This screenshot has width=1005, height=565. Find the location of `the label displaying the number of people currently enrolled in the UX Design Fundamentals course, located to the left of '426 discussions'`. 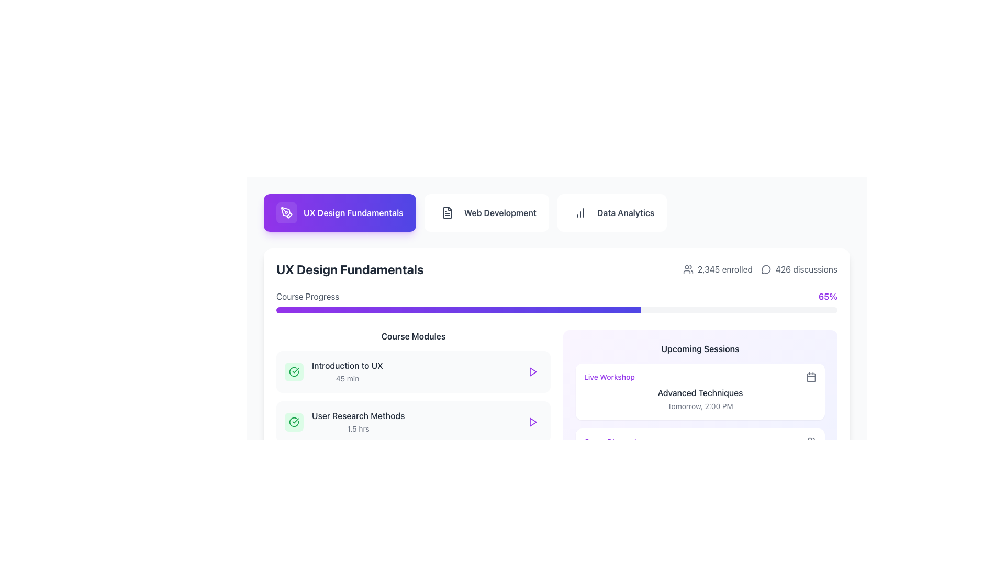

the label displaying the number of people currently enrolled in the UX Design Fundamentals course, located to the left of '426 discussions' is located at coordinates (717, 269).